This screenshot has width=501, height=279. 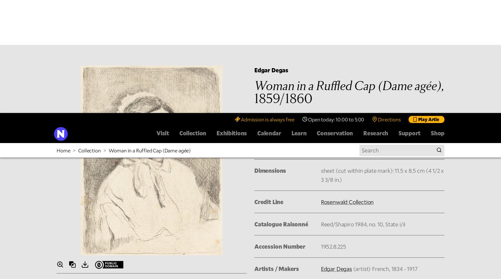 I want to click on 'Image Use', so click(x=268, y=105).